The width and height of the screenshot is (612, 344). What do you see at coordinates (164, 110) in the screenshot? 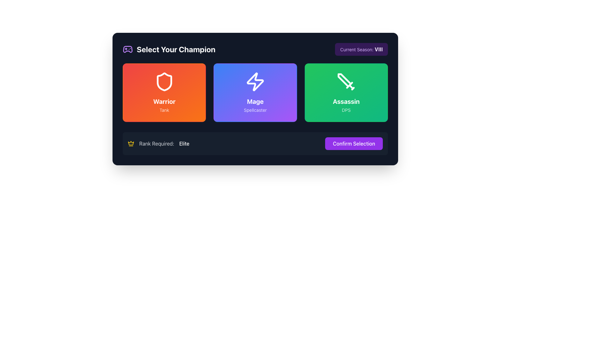
I see `the text label displaying 'Tank' which is located beneath the 'Warrior' label within an orange background in the leftmost column of the selection list` at bounding box center [164, 110].